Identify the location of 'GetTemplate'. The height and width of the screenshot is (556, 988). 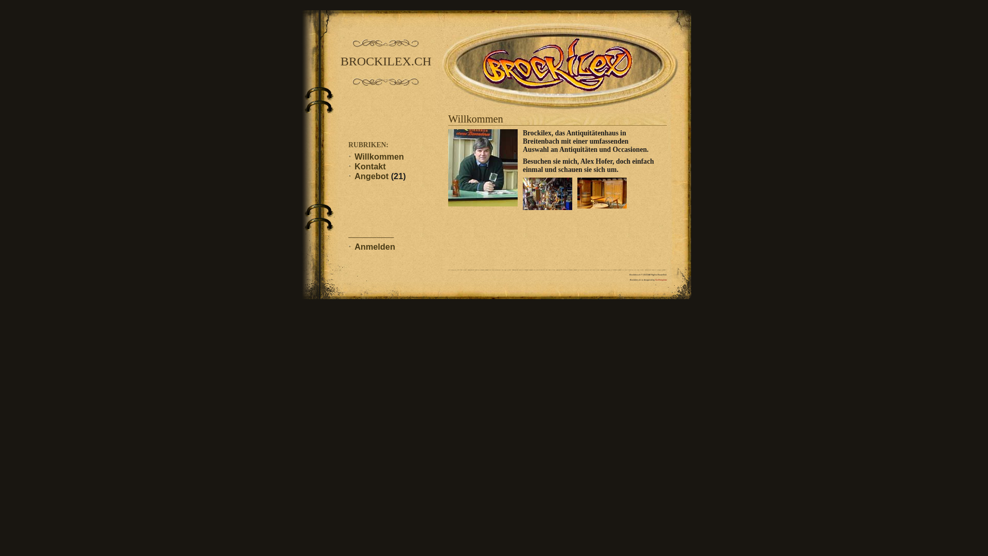
(661, 280).